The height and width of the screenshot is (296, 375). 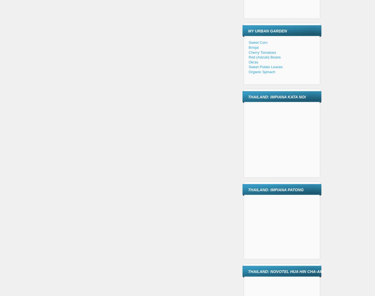 What do you see at coordinates (264, 57) in the screenshot?
I see `'Red (Adzuki) Beans'` at bounding box center [264, 57].